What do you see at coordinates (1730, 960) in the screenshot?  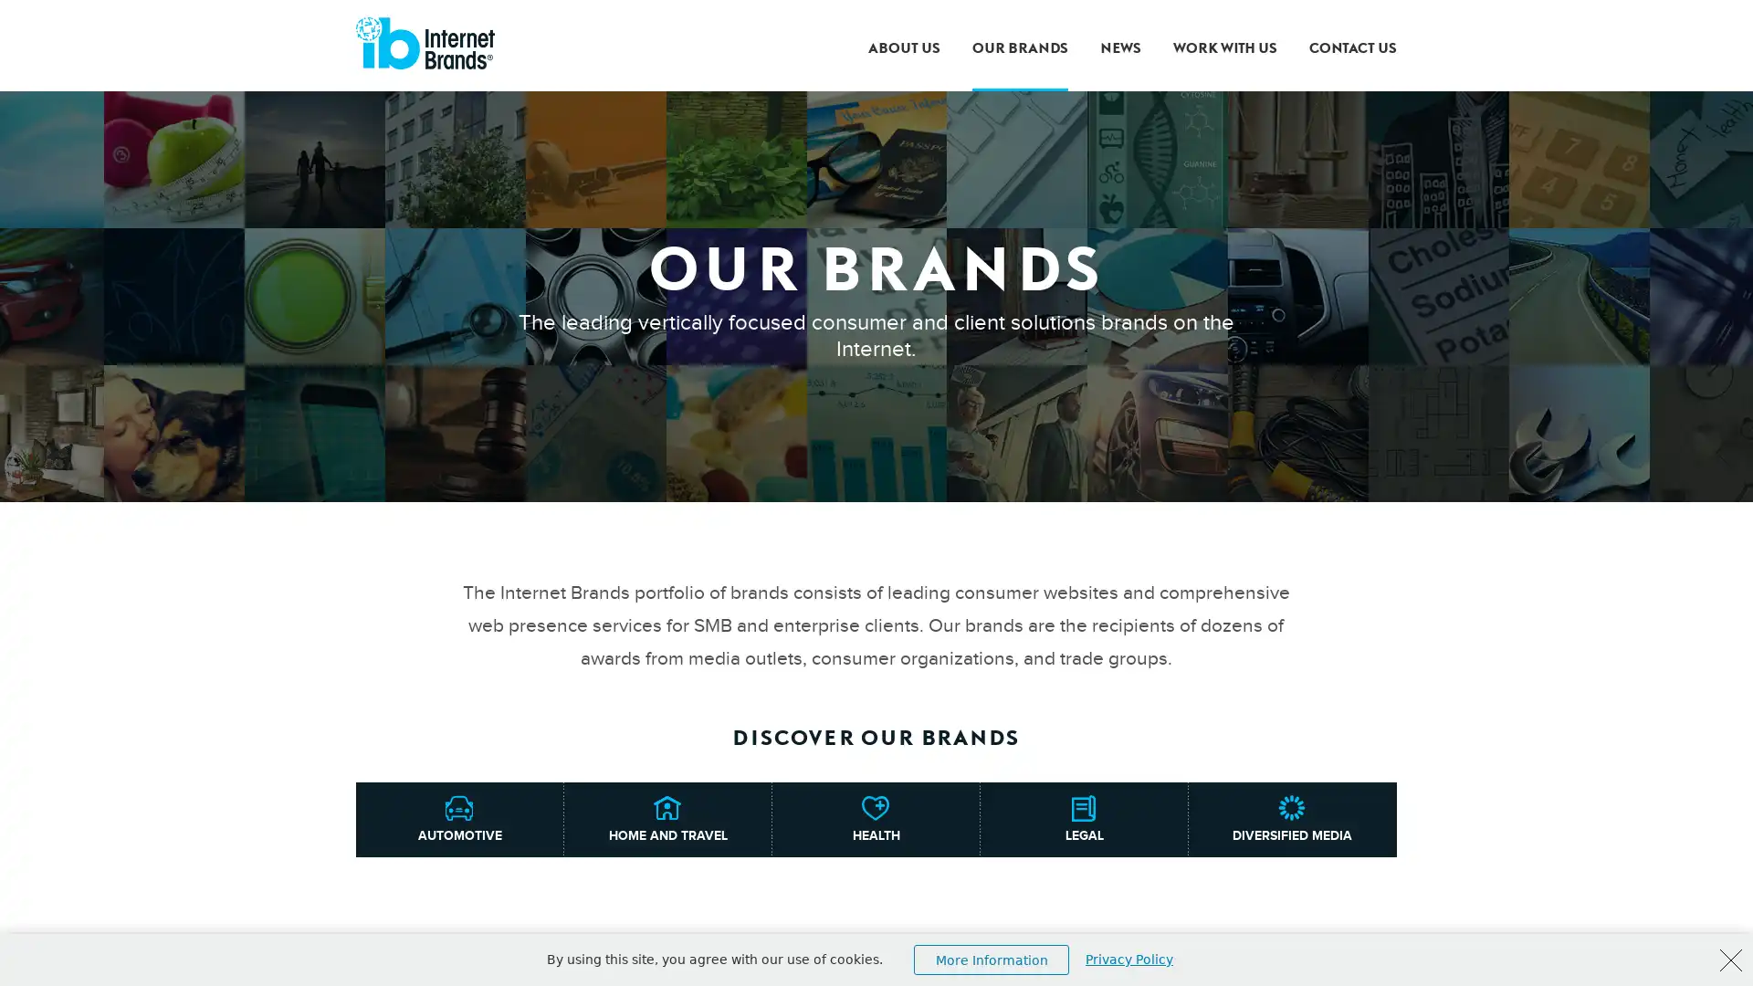 I see `WebMD Close` at bounding box center [1730, 960].